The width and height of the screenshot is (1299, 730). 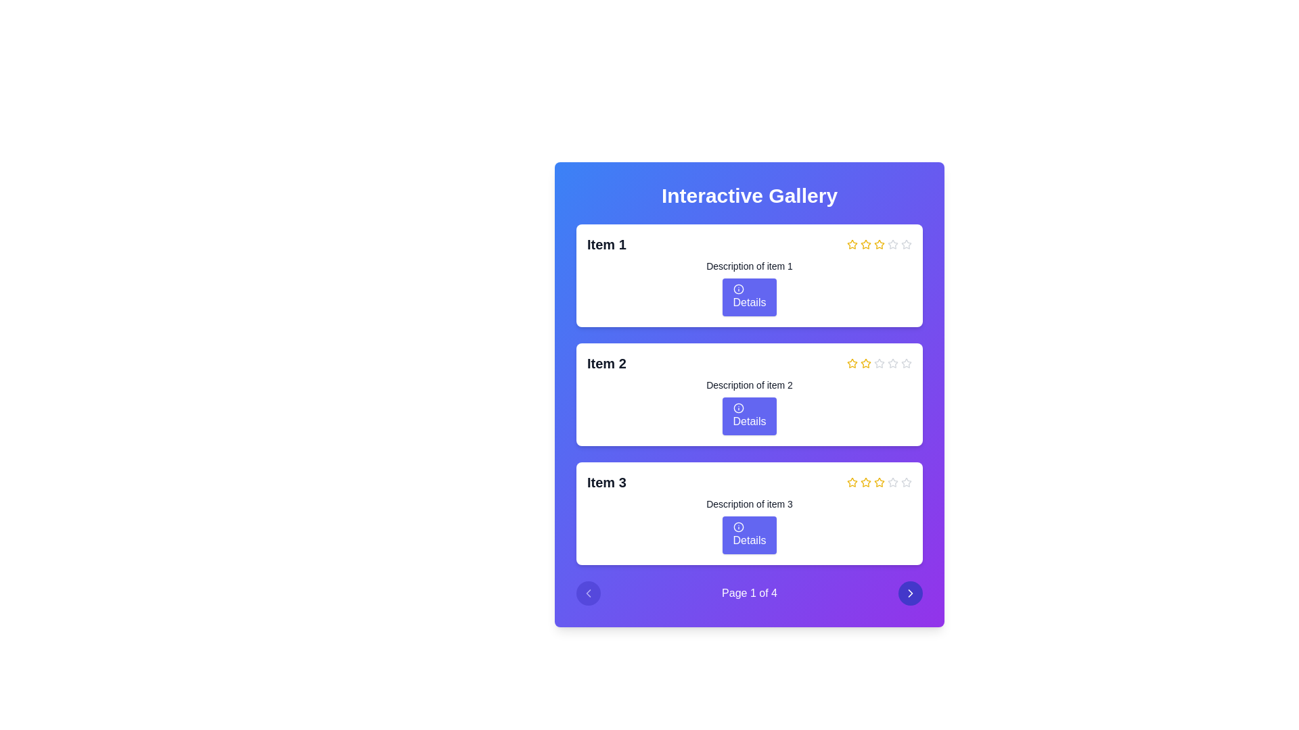 I want to click on the 'Details' button which contains a circular icon with an 'i' symbol, styled with a blue background and white text, located in the top section of the interface, so click(x=737, y=289).